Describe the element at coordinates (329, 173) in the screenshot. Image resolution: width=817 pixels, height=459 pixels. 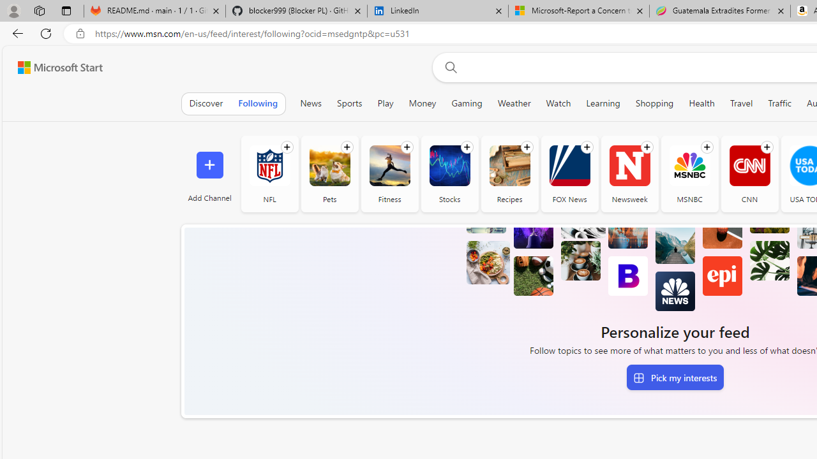
I see `'Pets'` at that location.